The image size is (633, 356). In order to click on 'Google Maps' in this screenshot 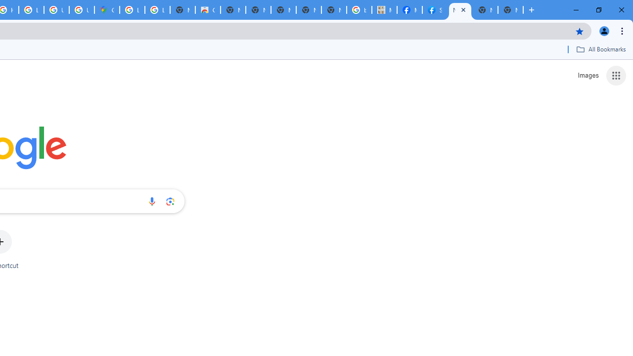, I will do `click(107, 10)`.